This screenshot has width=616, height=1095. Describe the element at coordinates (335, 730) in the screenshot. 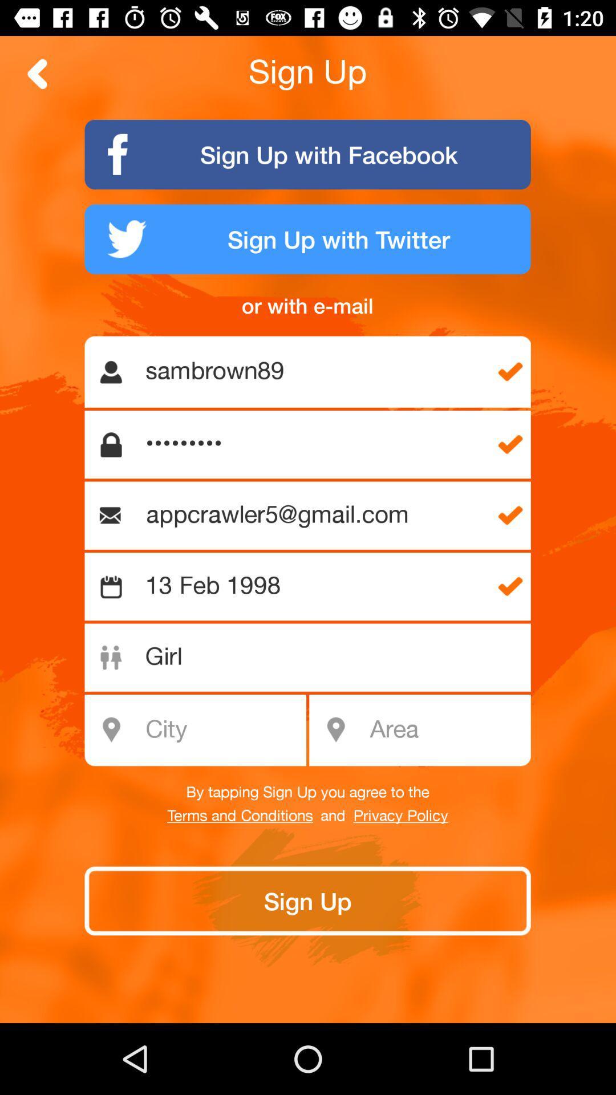

I see `the location icon on the web page` at that location.